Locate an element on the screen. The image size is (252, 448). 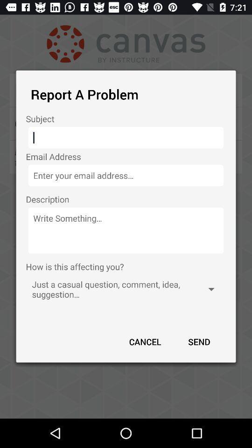
the send item is located at coordinates (198, 341).